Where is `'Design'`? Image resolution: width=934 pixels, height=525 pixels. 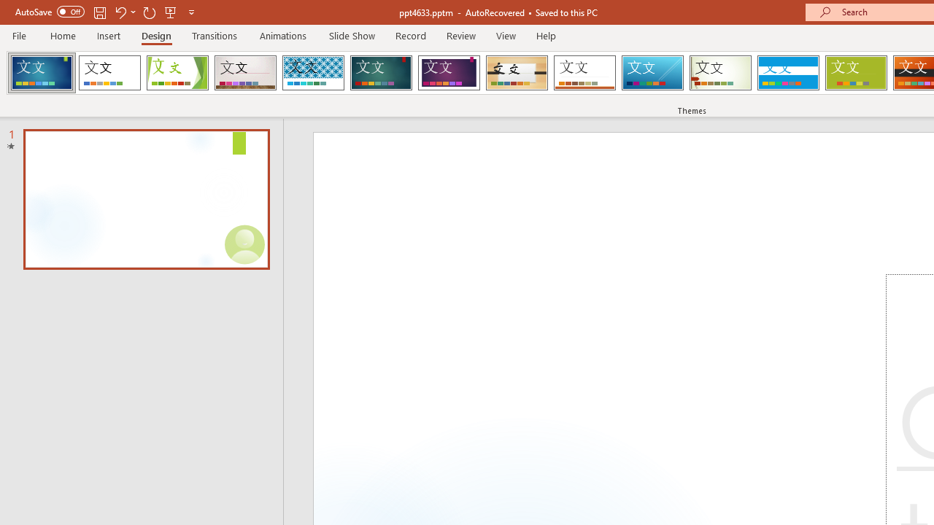
'Design' is located at coordinates (156, 35).